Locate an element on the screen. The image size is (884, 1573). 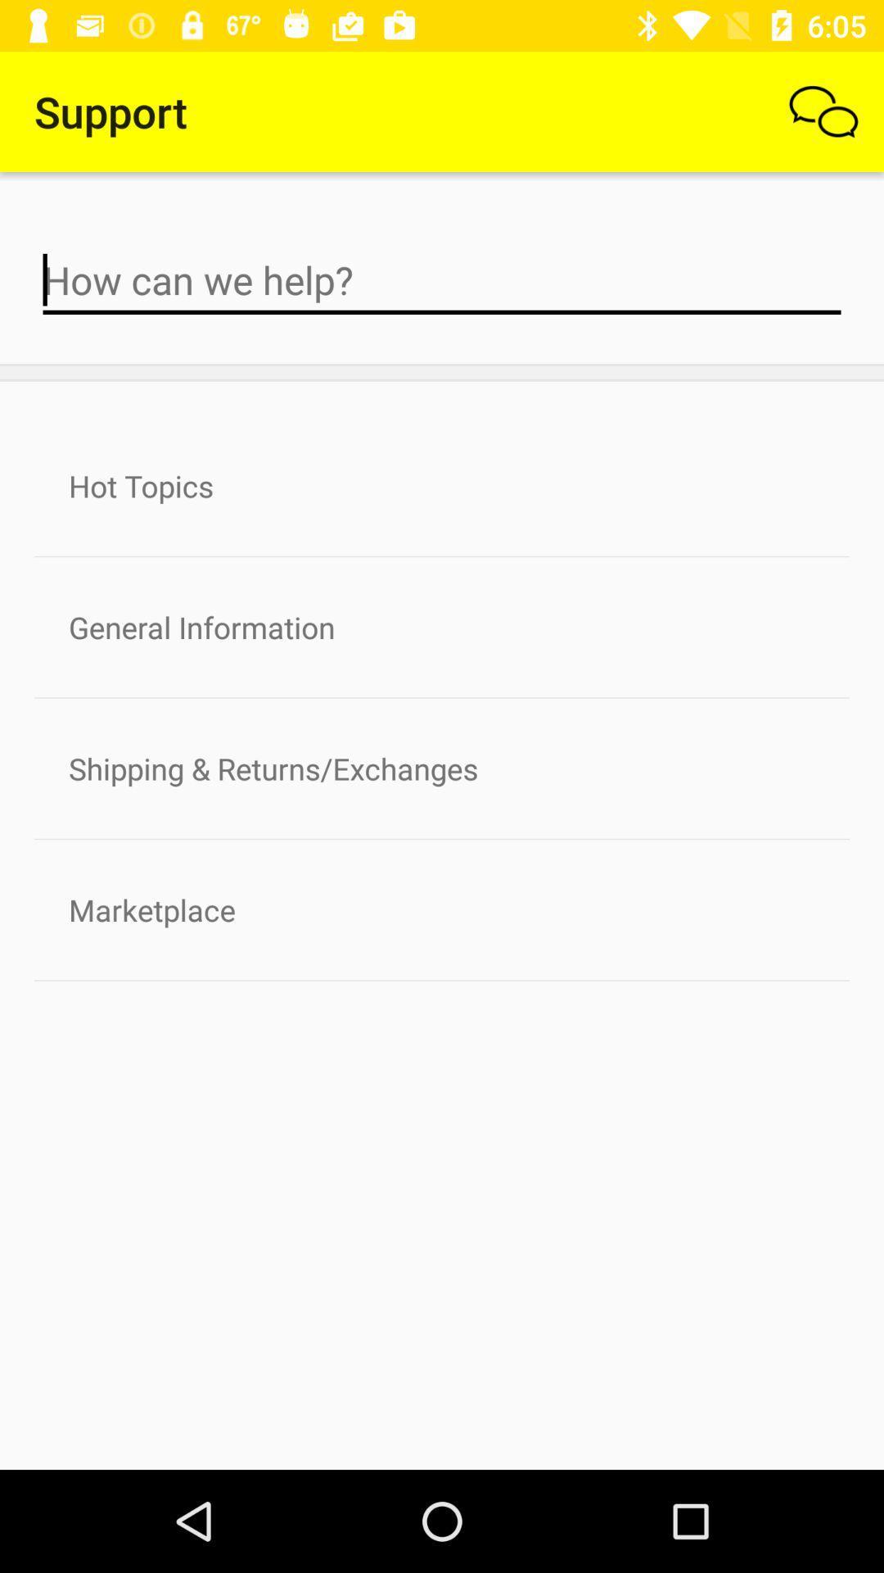
item below the hot topics icon is located at coordinates (442, 626).